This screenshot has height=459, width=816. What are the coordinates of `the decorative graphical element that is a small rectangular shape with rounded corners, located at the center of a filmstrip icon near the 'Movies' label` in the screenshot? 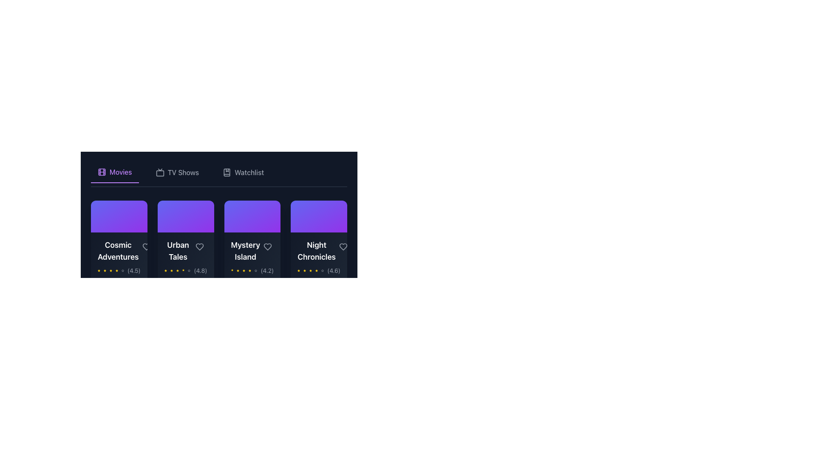 It's located at (102, 172).